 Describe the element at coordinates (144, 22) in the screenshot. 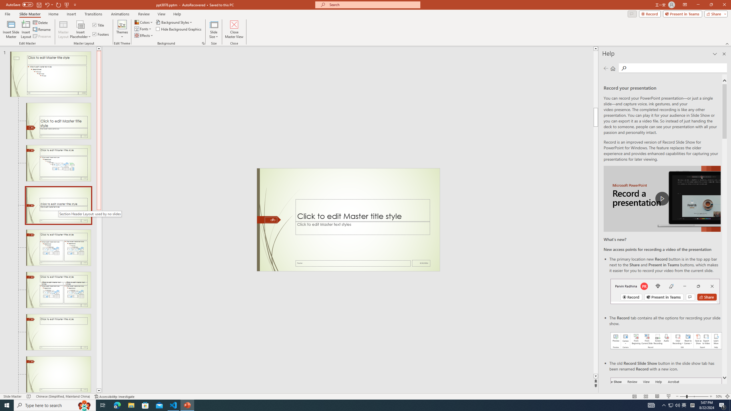

I see `'Colors'` at that location.